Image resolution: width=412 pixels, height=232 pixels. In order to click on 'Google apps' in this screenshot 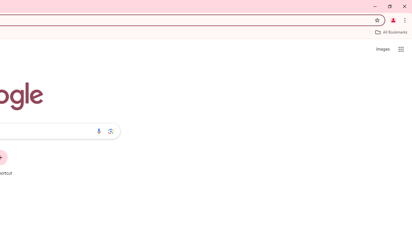, I will do `click(401, 49)`.